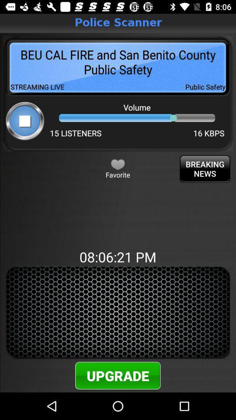 Image resolution: width=236 pixels, height=420 pixels. I want to click on the icon next to the favorite icon, so click(205, 168).